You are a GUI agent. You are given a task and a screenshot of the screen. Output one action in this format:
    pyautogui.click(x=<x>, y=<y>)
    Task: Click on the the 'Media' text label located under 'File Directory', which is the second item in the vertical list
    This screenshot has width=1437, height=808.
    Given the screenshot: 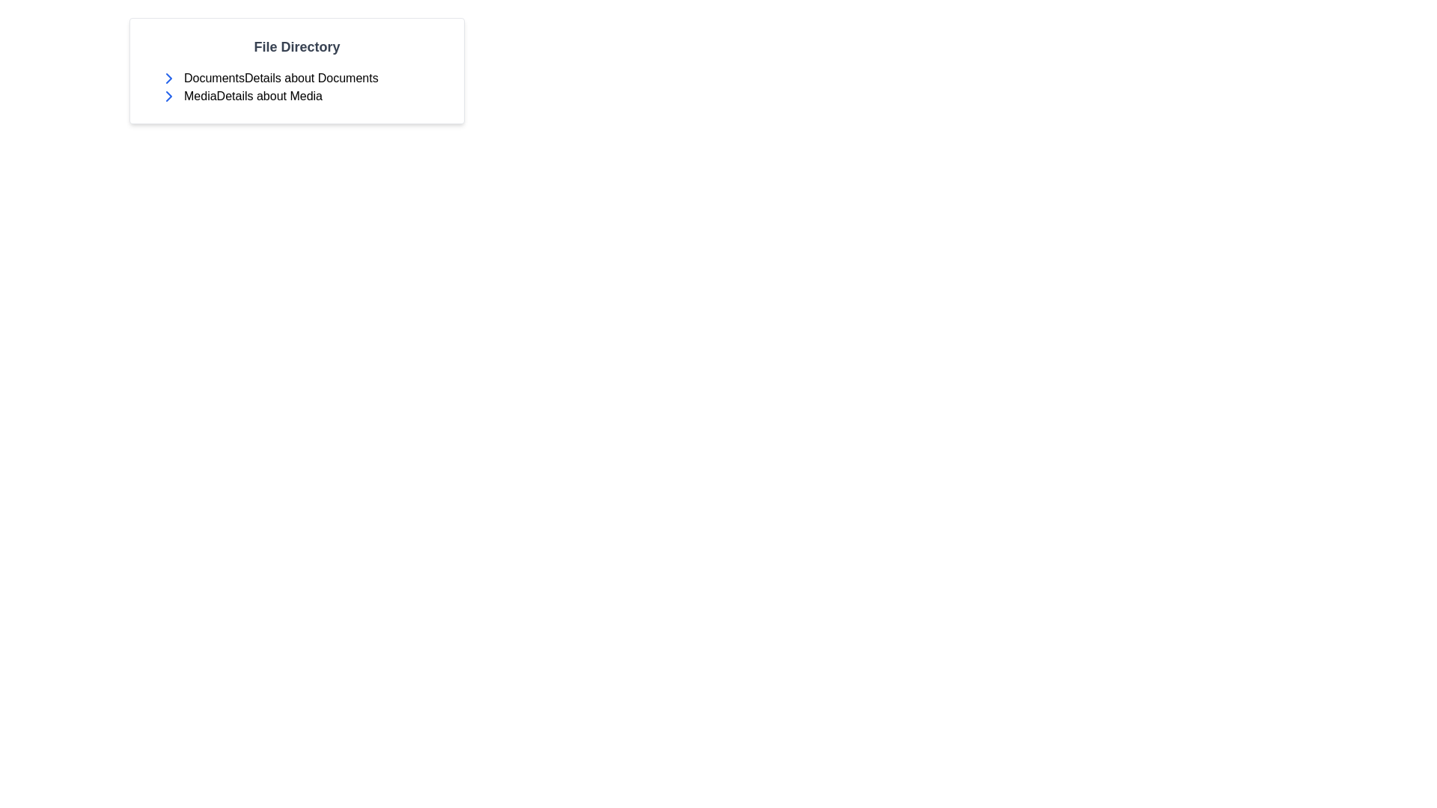 What is the action you would take?
    pyautogui.click(x=302, y=96)
    